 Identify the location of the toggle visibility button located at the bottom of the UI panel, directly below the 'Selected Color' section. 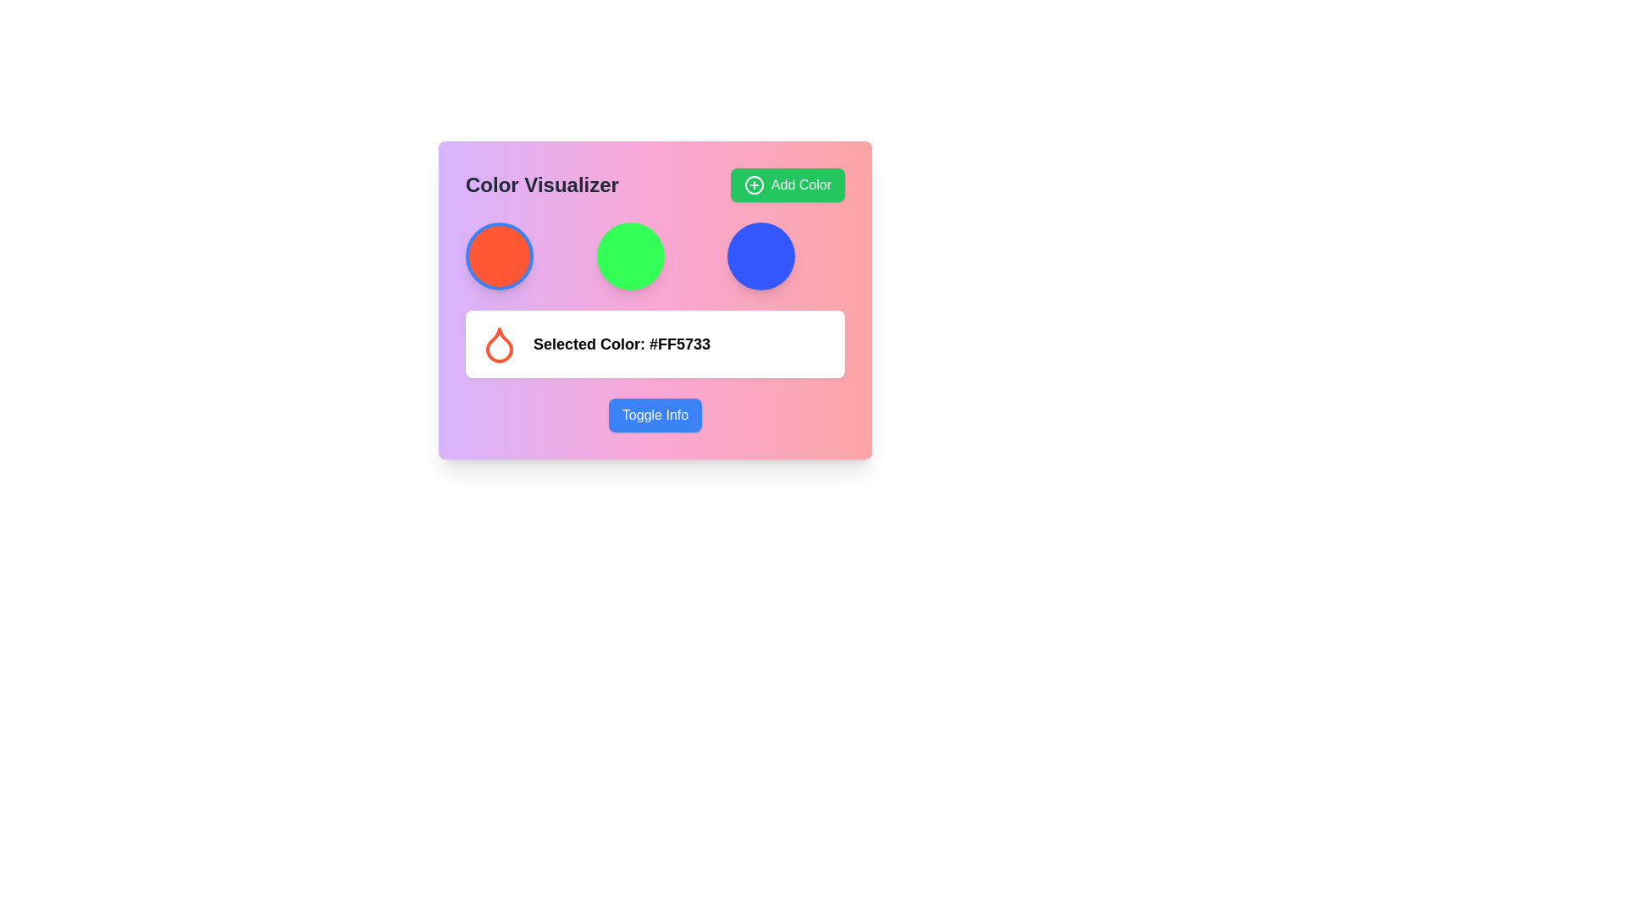
(654, 415).